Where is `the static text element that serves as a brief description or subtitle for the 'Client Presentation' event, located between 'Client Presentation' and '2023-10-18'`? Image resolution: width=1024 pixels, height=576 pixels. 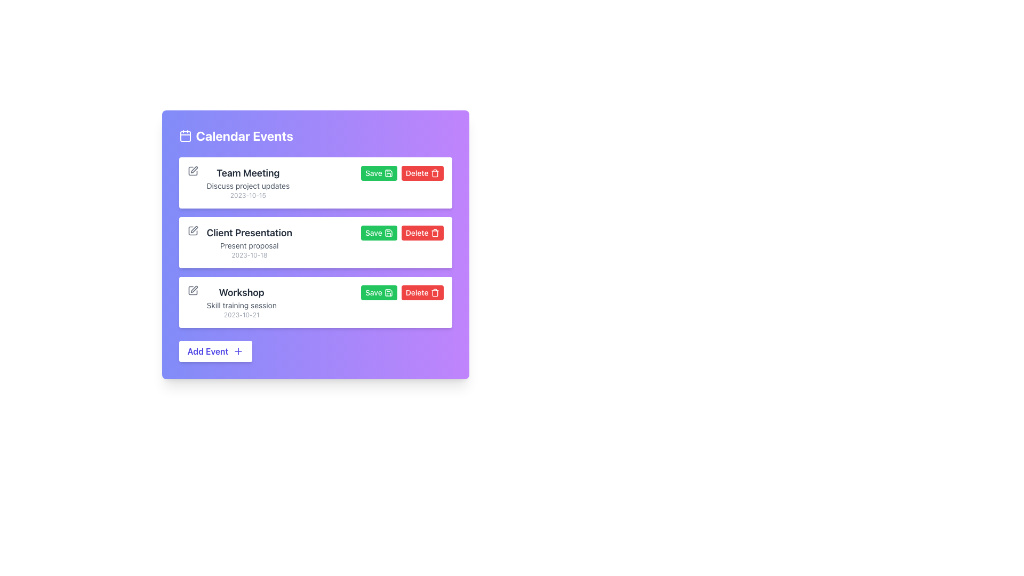
the static text element that serves as a brief description or subtitle for the 'Client Presentation' event, located between 'Client Presentation' and '2023-10-18' is located at coordinates (249, 246).